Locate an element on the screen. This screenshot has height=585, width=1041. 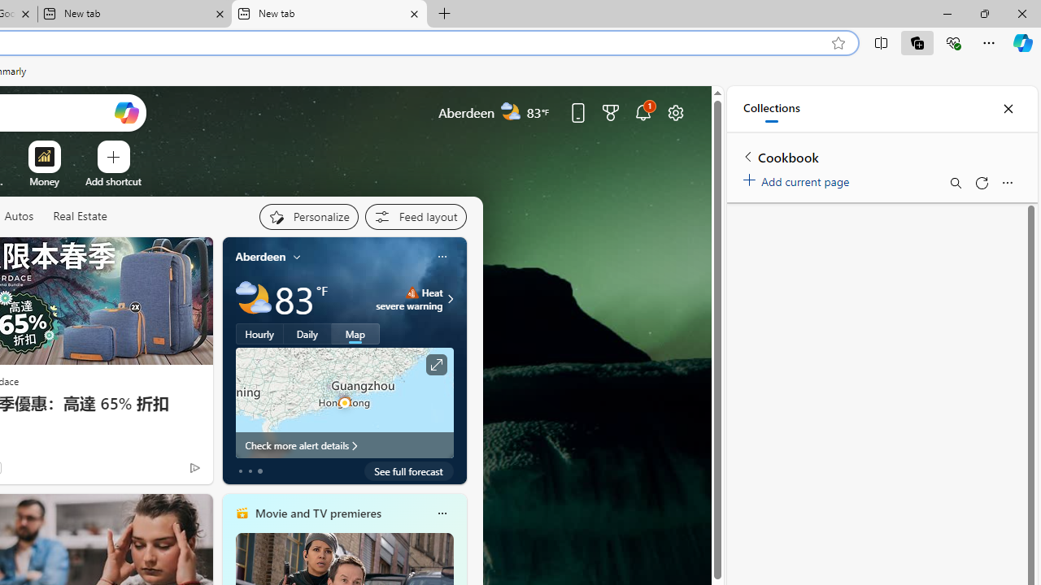
'See full forecast' is located at coordinates (408, 470).